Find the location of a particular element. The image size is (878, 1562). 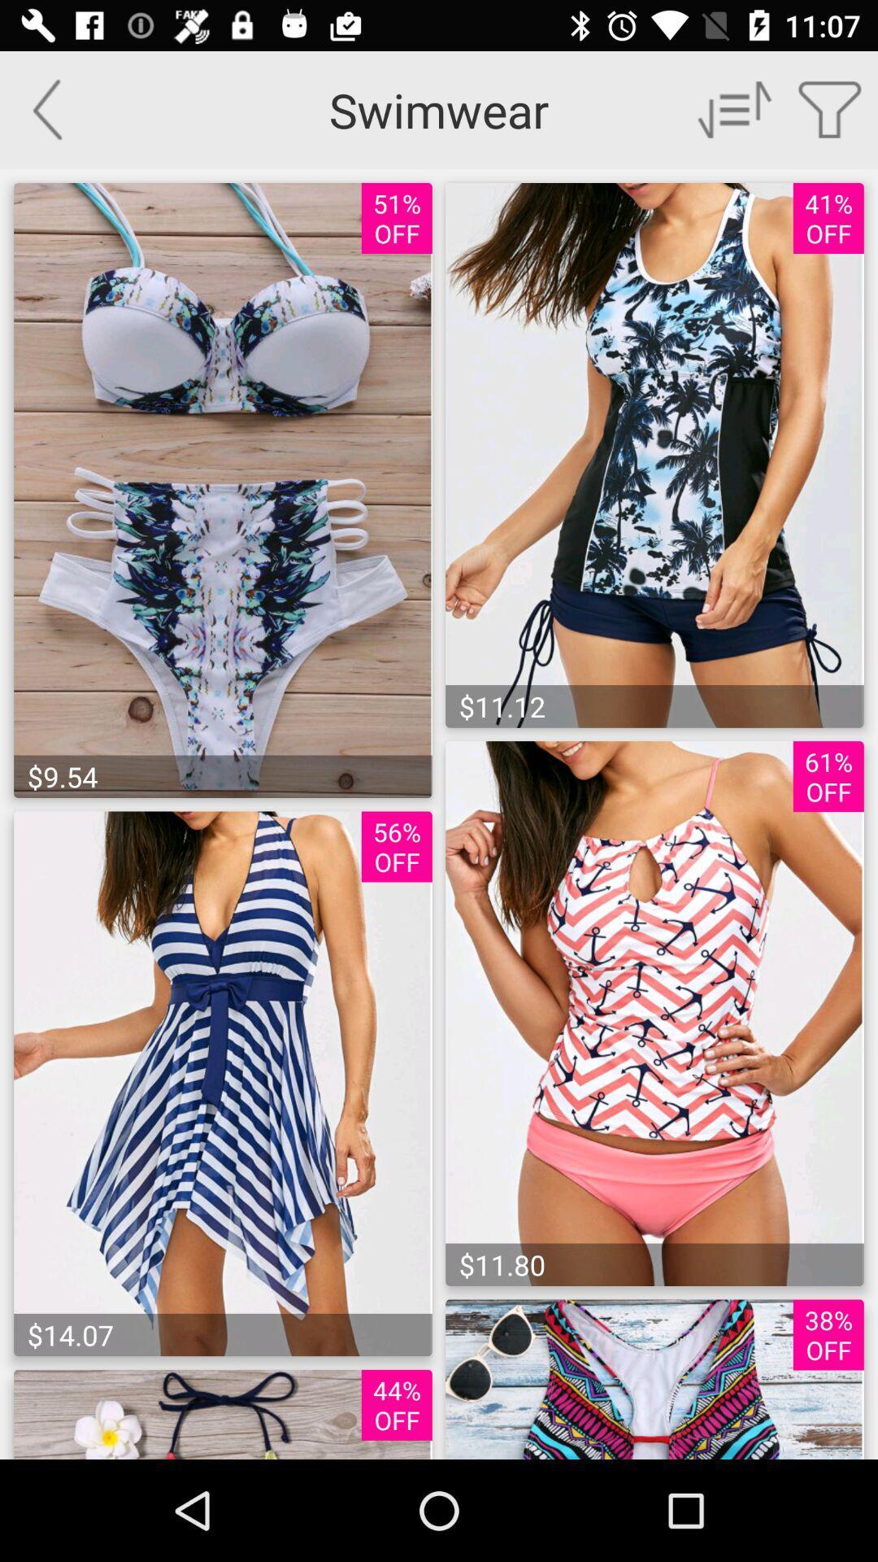

go back is located at coordinates (46, 108).